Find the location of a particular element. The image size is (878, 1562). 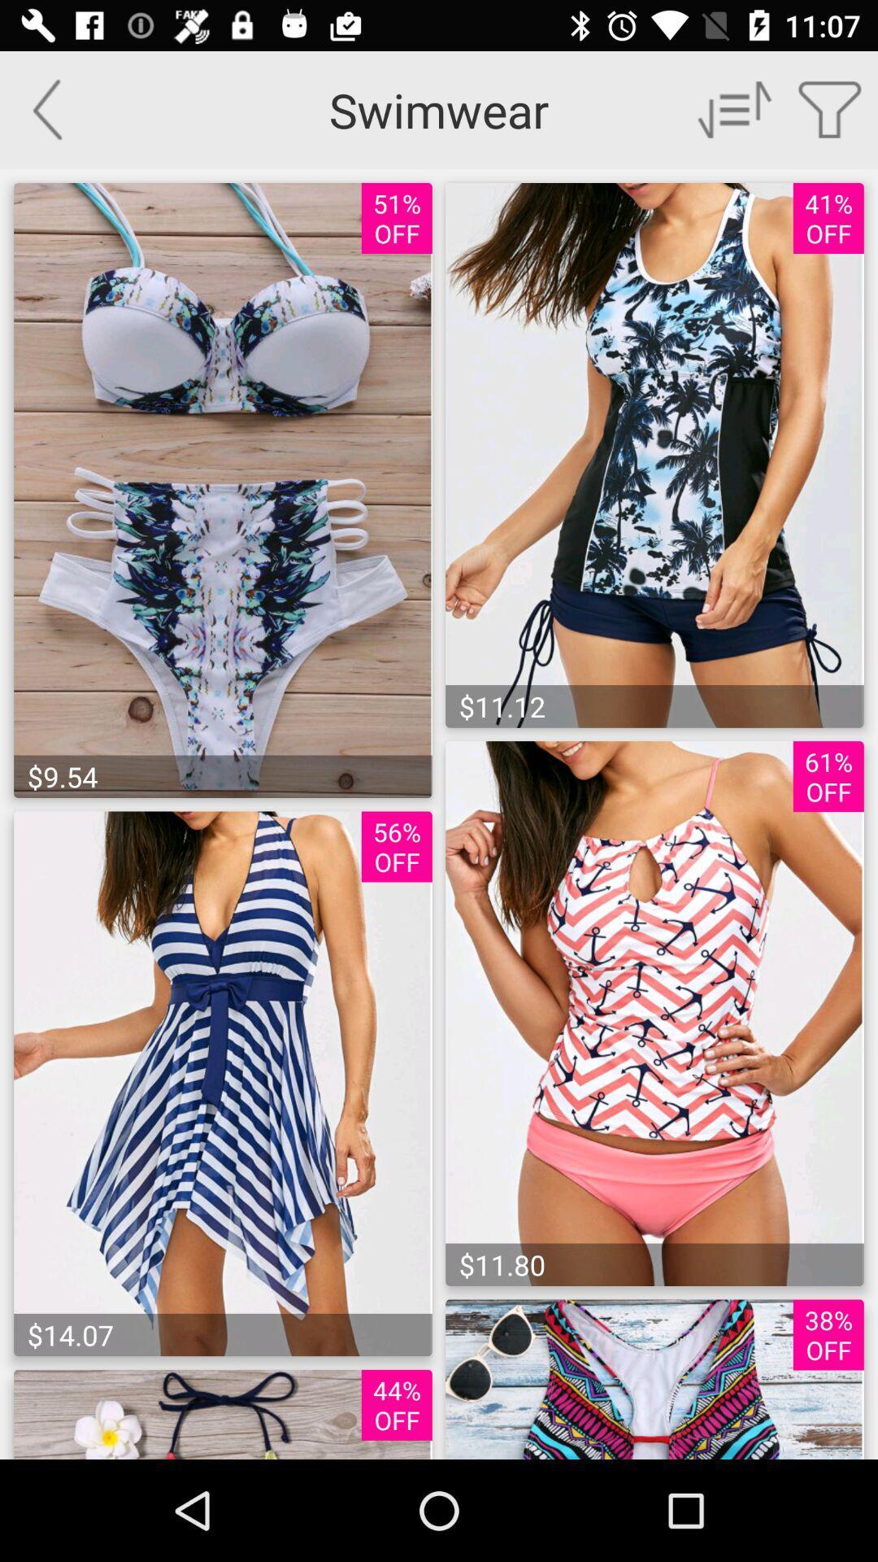

go back is located at coordinates (46, 108).